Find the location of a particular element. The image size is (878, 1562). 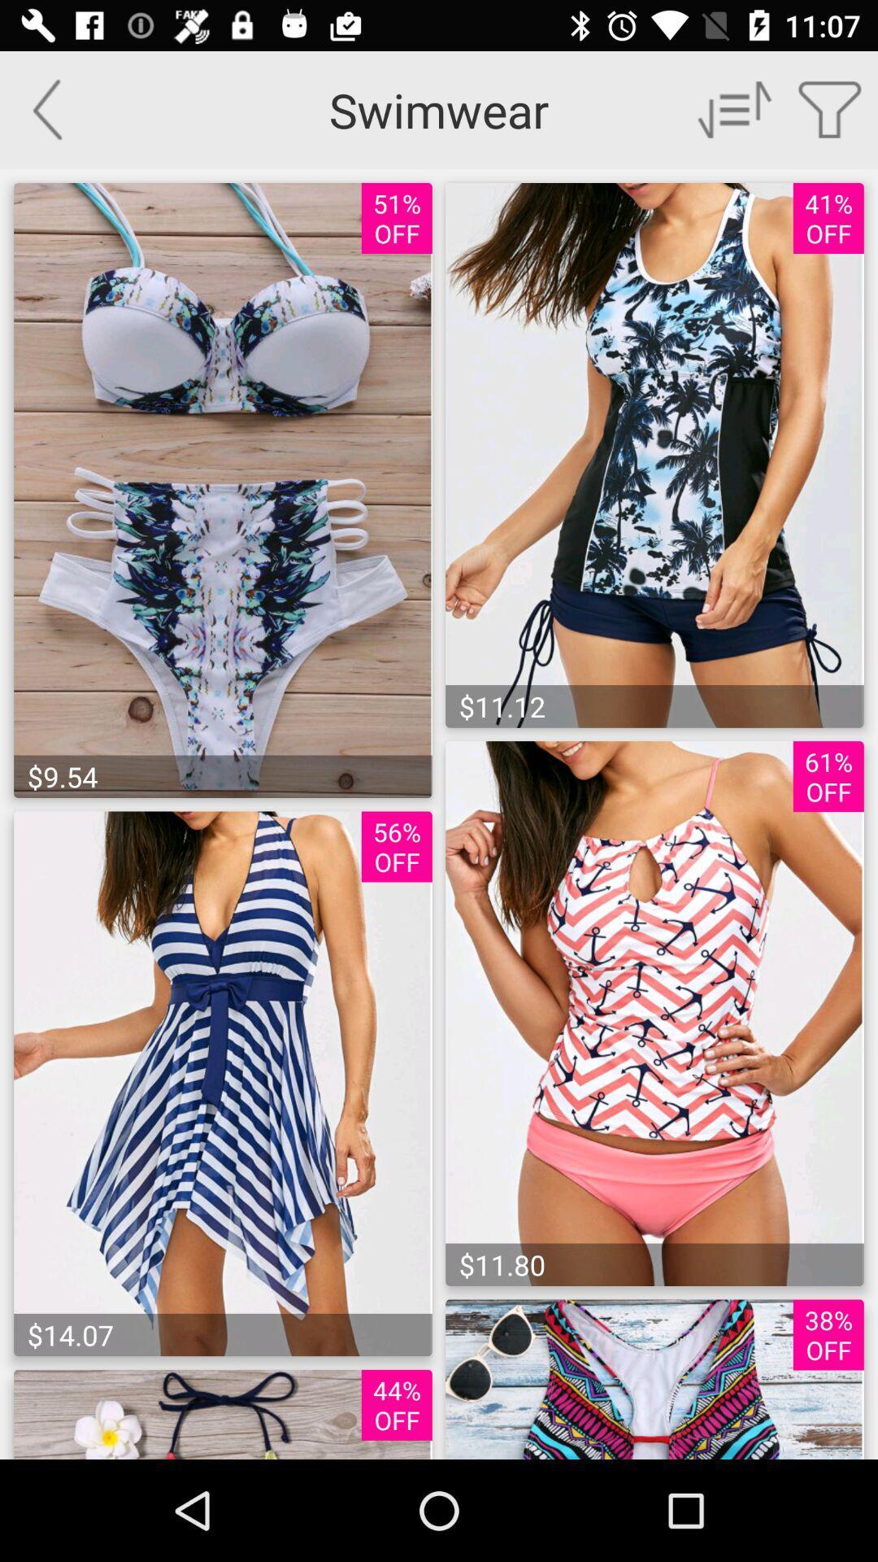

go back is located at coordinates (46, 108).